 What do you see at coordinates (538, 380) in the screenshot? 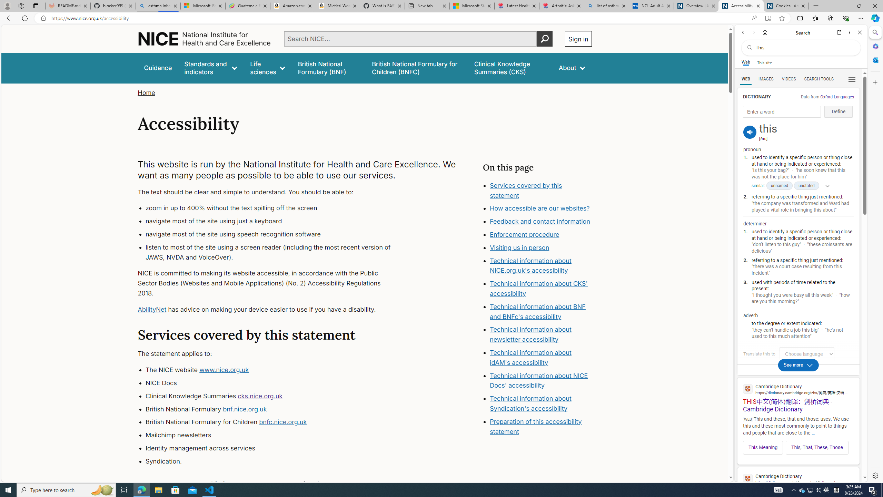
I see `'Technical information about NICE Docs'` at bounding box center [538, 380].